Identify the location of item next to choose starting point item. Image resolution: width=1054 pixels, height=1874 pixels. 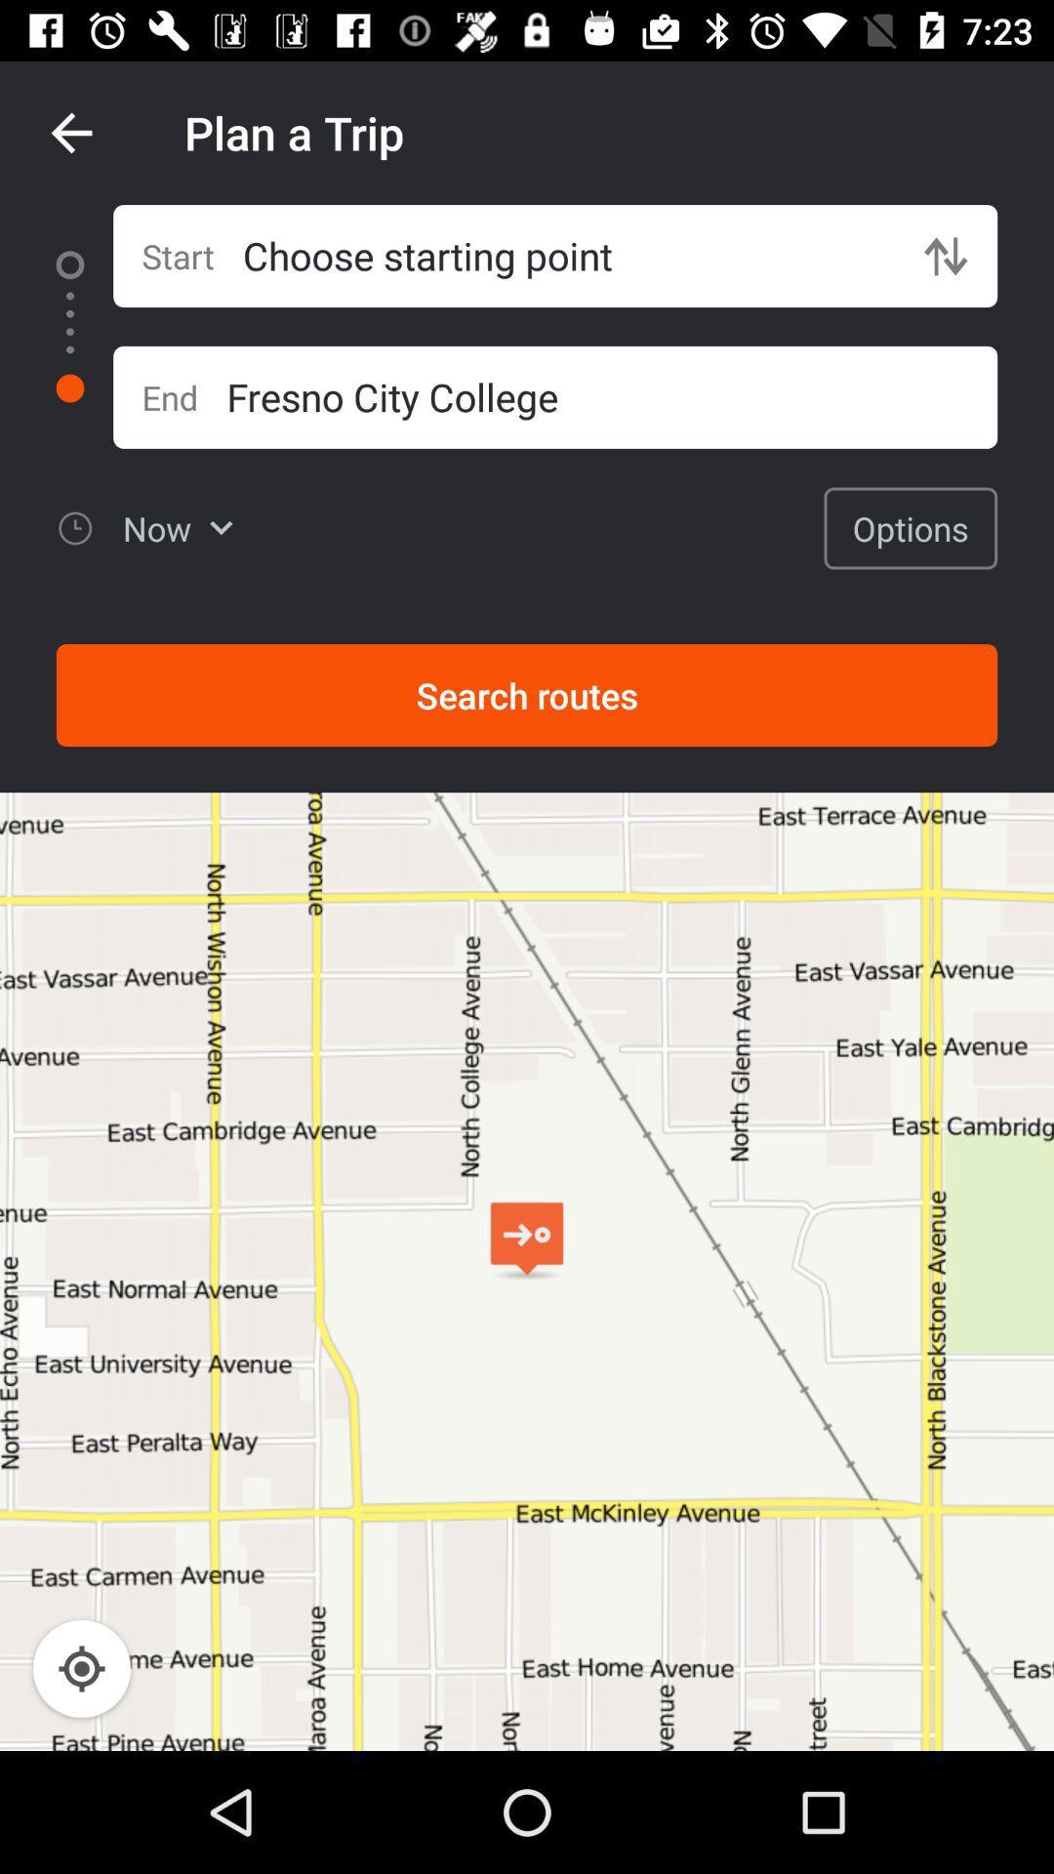
(945, 255).